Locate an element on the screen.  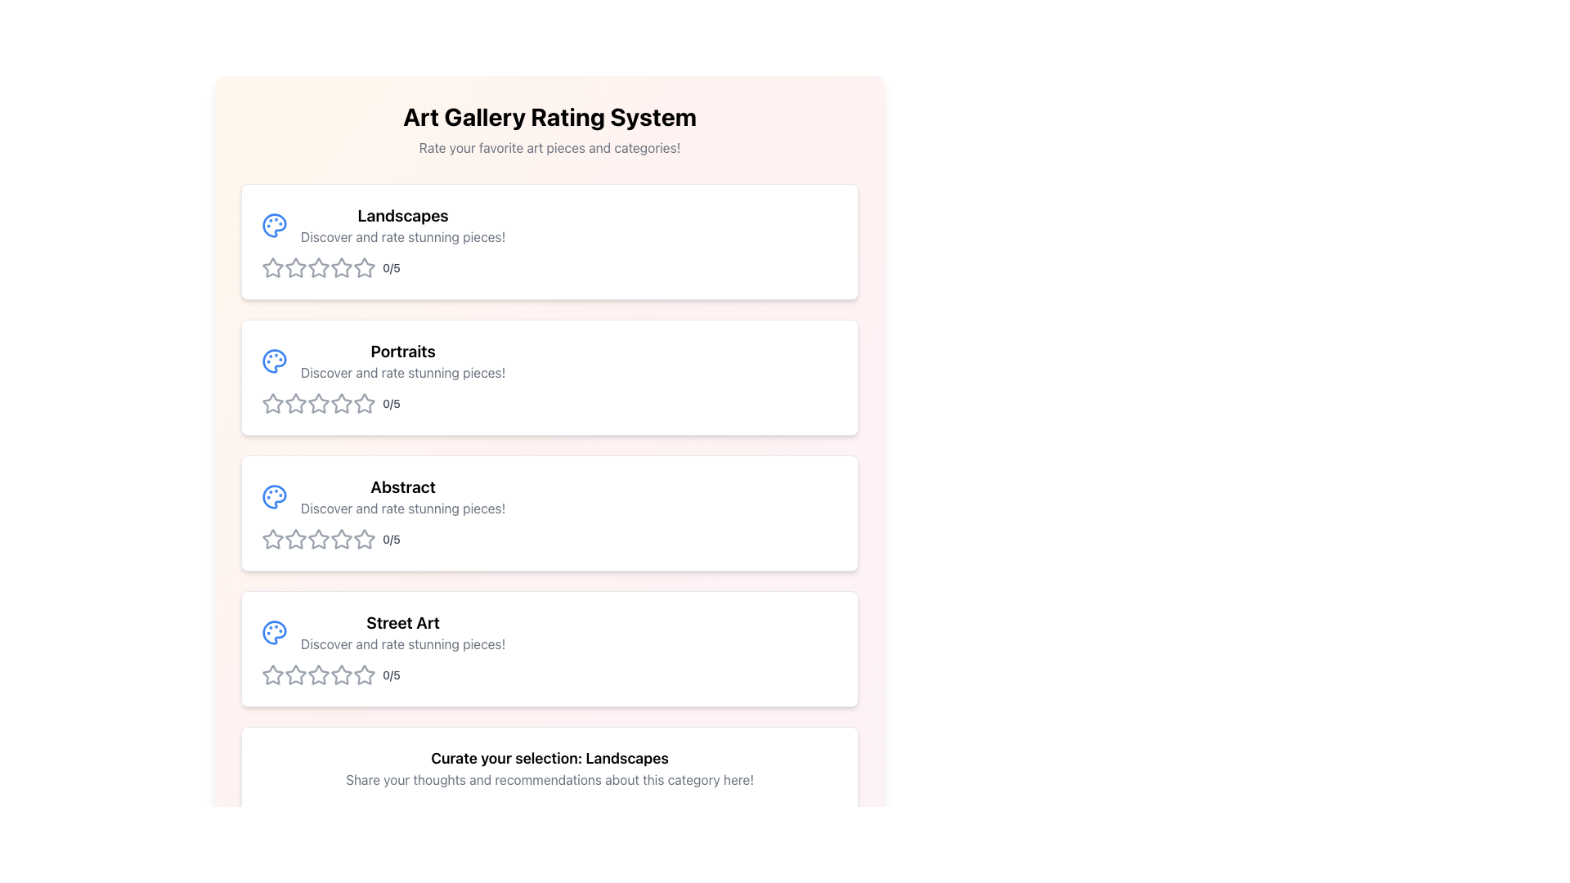
the fifth star-shaped icon in the Landscapes rating section to rate it is located at coordinates (364, 267).